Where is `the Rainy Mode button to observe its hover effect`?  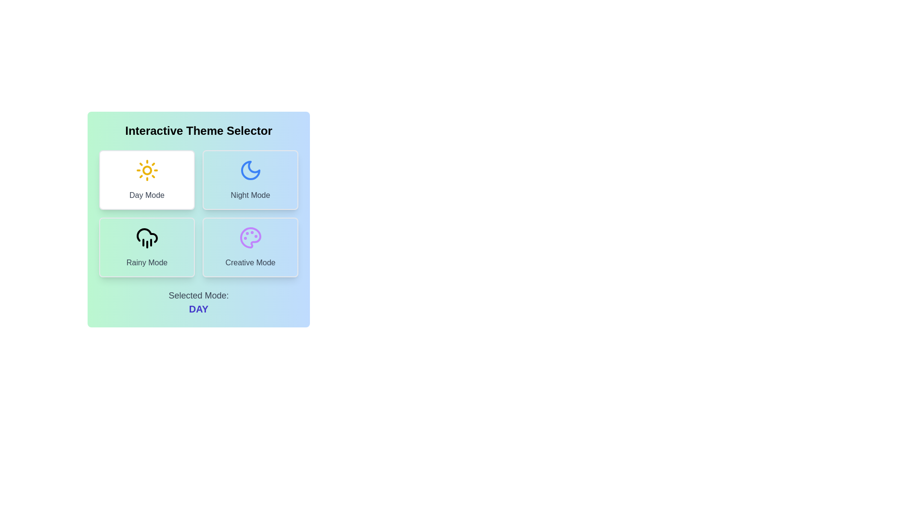
the Rainy Mode button to observe its hover effect is located at coordinates (146, 247).